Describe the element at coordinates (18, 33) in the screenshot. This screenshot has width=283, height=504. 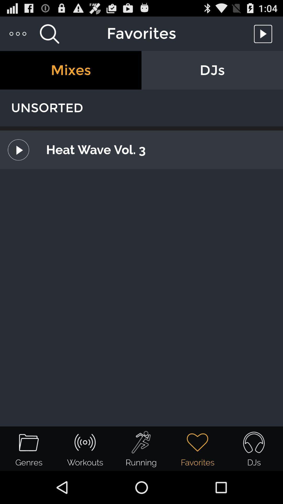
I see `menu` at that location.